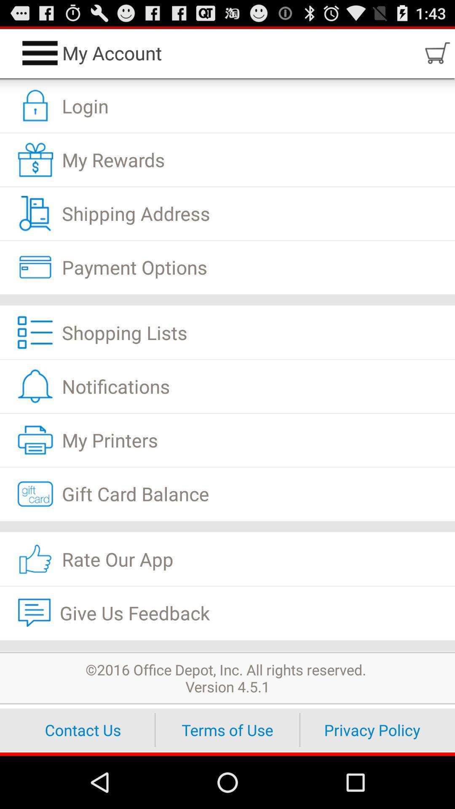  What do you see at coordinates (227, 645) in the screenshot?
I see `the app below the give us feedback app` at bounding box center [227, 645].